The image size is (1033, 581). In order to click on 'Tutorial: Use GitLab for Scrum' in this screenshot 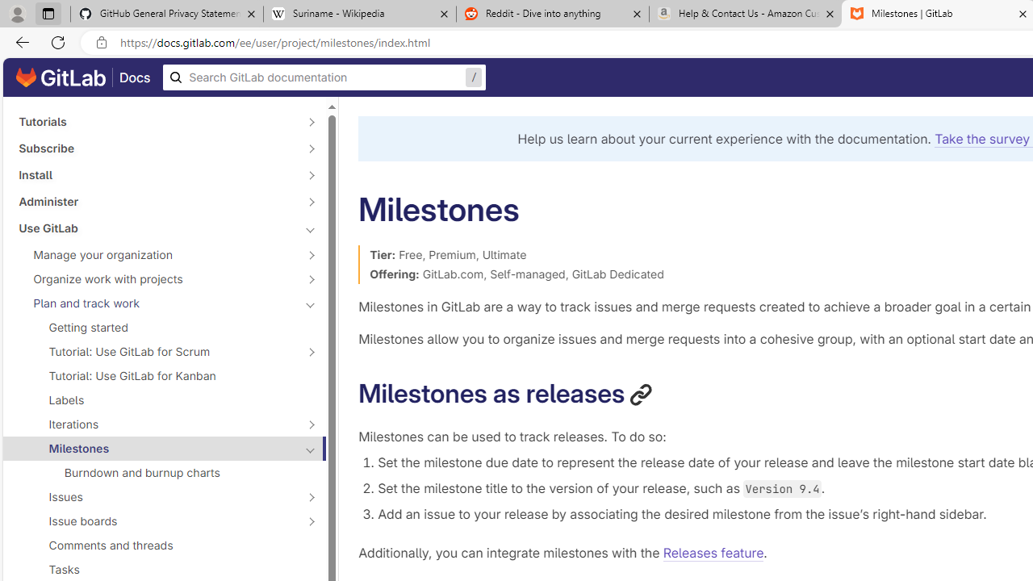, I will do `click(155, 350)`.